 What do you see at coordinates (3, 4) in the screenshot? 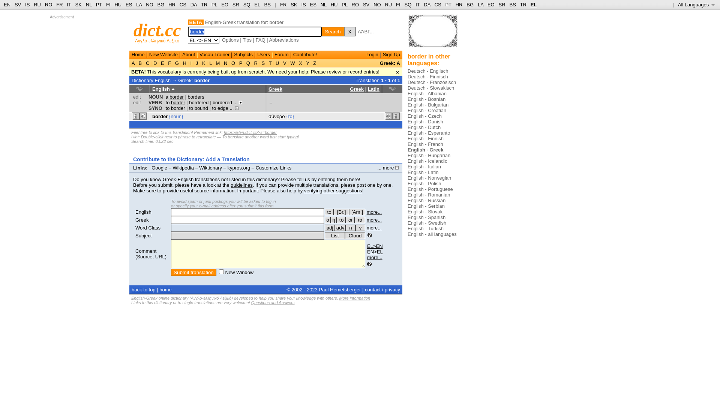
I see `'EN'` at bounding box center [3, 4].